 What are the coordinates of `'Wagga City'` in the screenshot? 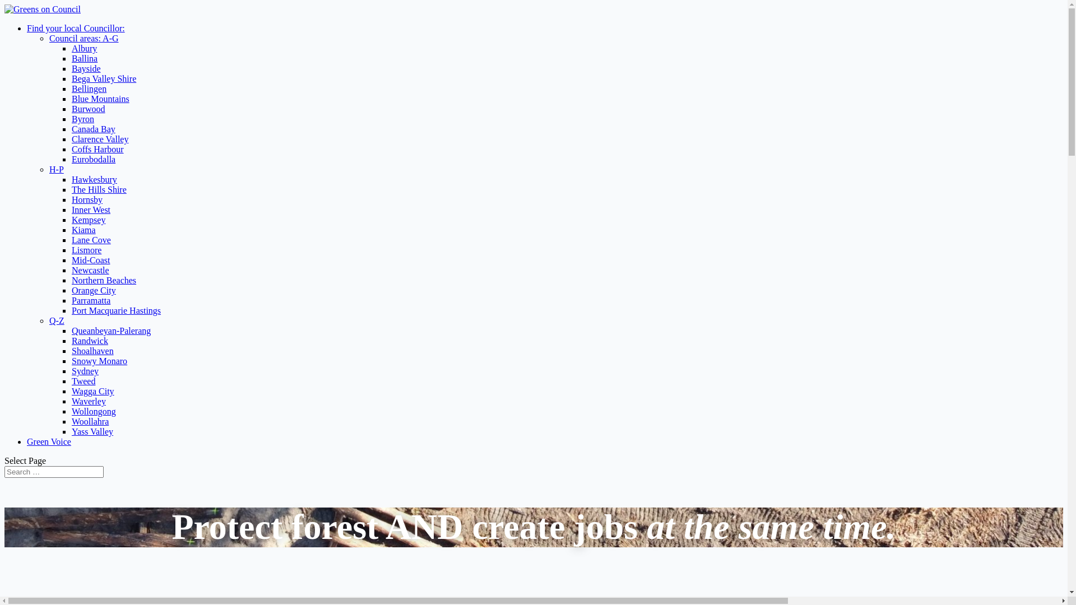 It's located at (93, 390).